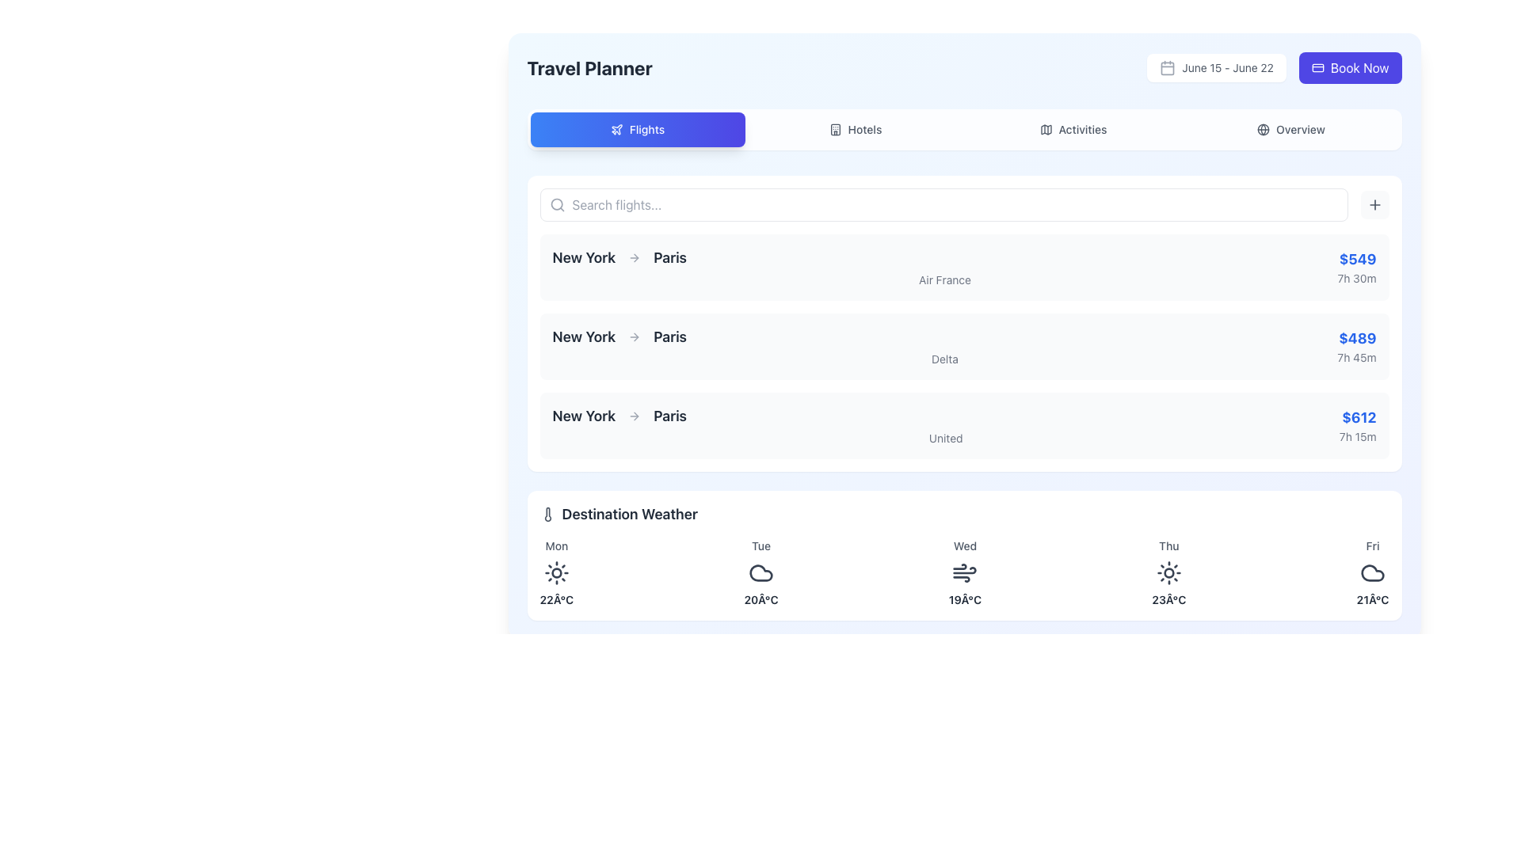 This screenshot has height=855, width=1521. I want to click on the pricing and duration text element displaying '$549' and '7h 30m' in the topmost flight listing item, aligned to the right side, so click(1356, 267).